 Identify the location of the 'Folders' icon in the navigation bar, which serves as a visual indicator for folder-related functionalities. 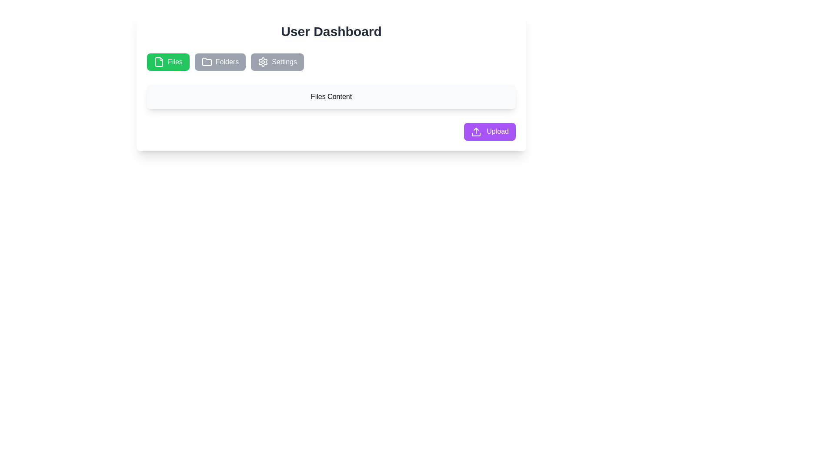
(206, 61).